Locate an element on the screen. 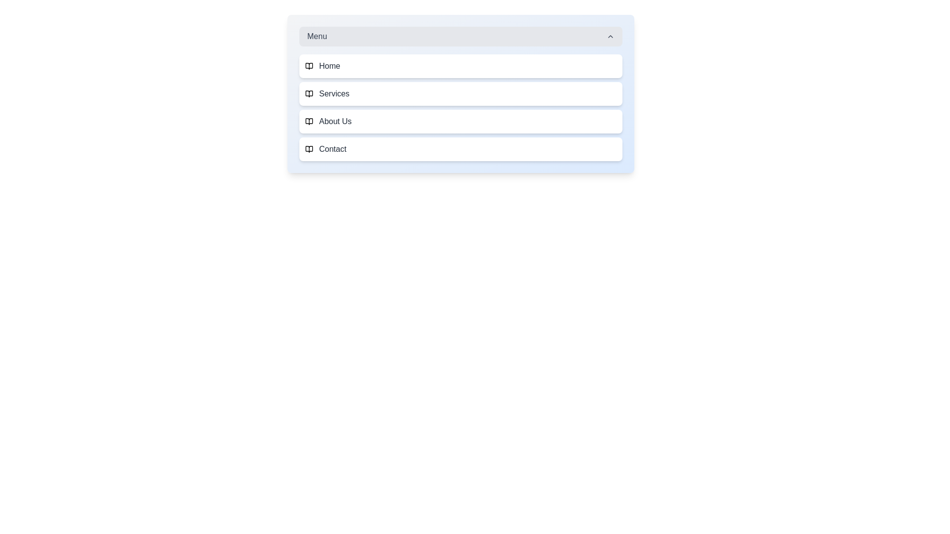 This screenshot has height=534, width=950. the open book icon located next is located at coordinates (308, 93).